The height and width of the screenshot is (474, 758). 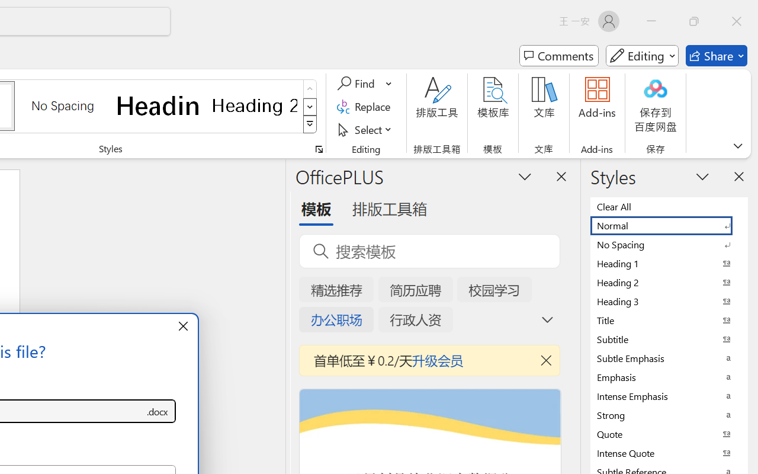 I want to click on 'Subtle Emphasis', so click(x=669, y=358).